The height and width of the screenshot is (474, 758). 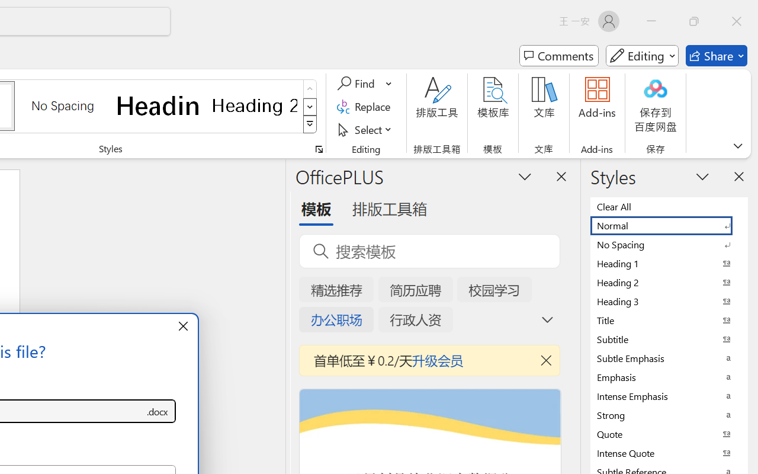 I want to click on 'Subtle Emphasis', so click(x=669, y=358).